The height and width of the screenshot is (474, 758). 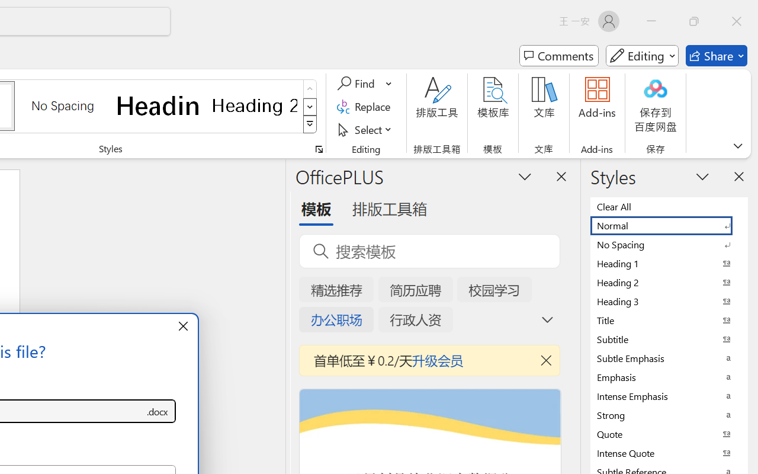 I want to click on 'Subtle Emphasis', so click(x=669, y=358).